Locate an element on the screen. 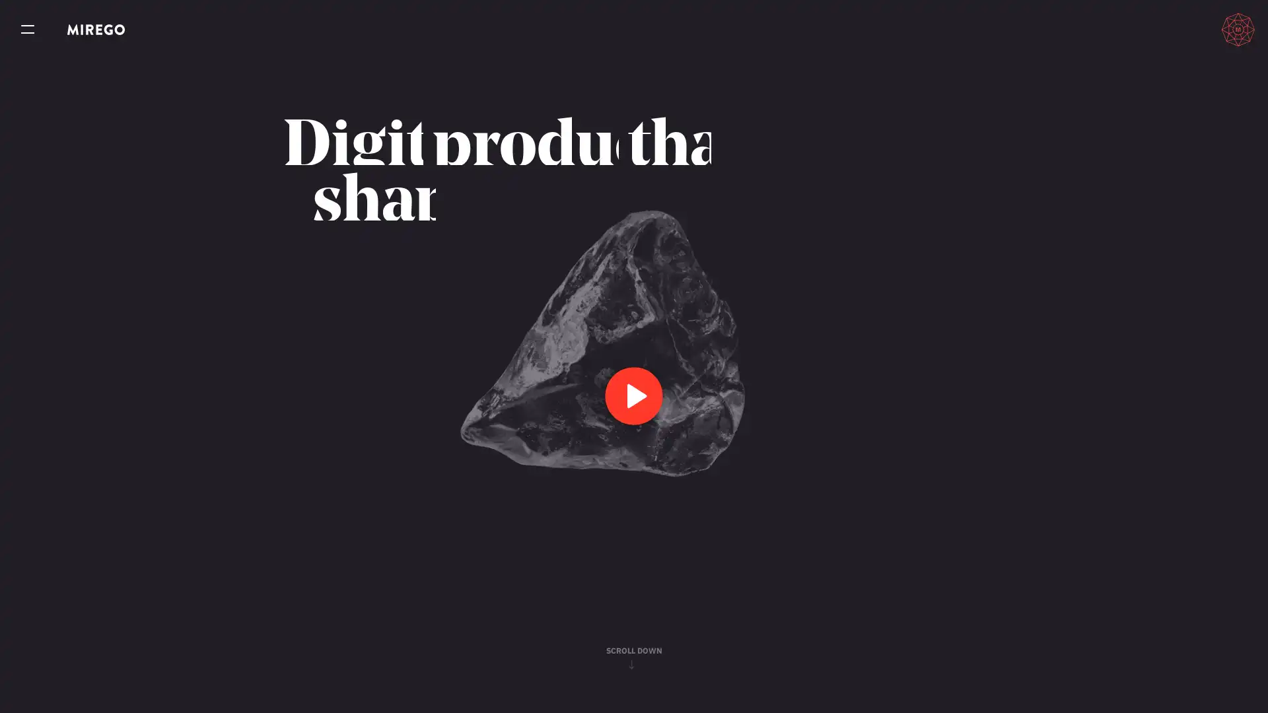  See navigation is located at coordinates (28, 30).